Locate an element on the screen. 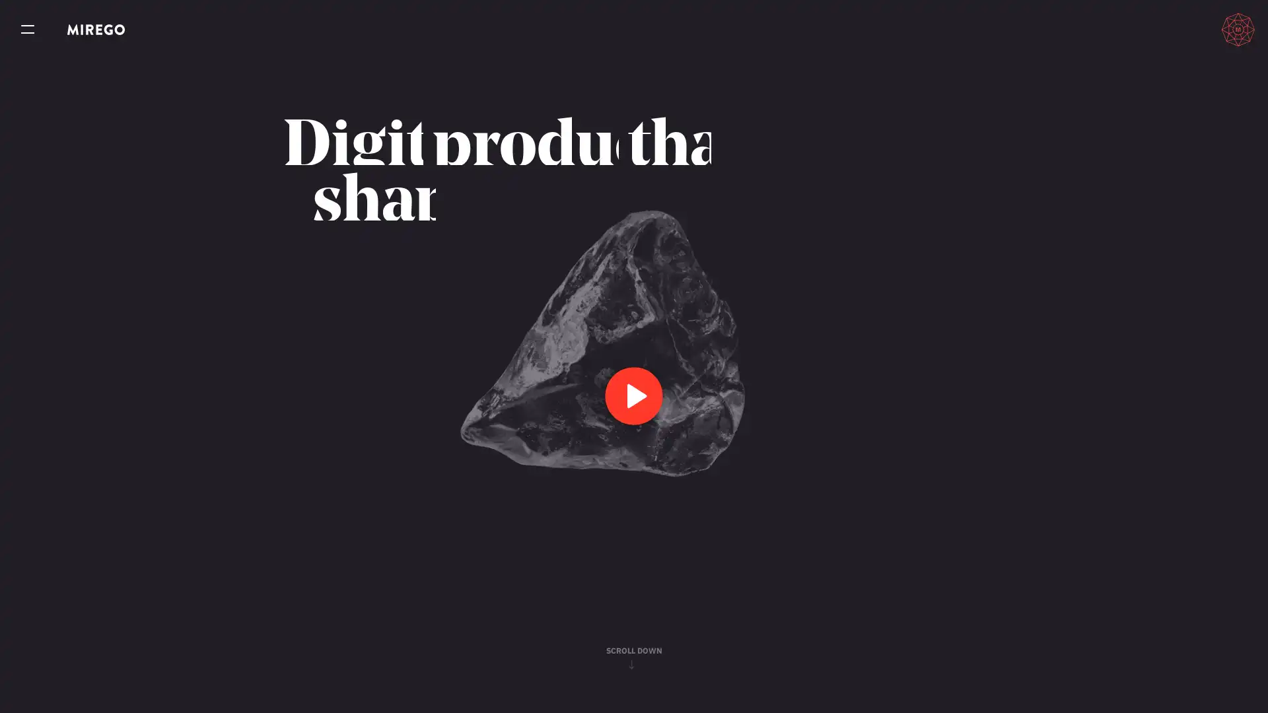  See navigation is located at coordinates (28, 30).